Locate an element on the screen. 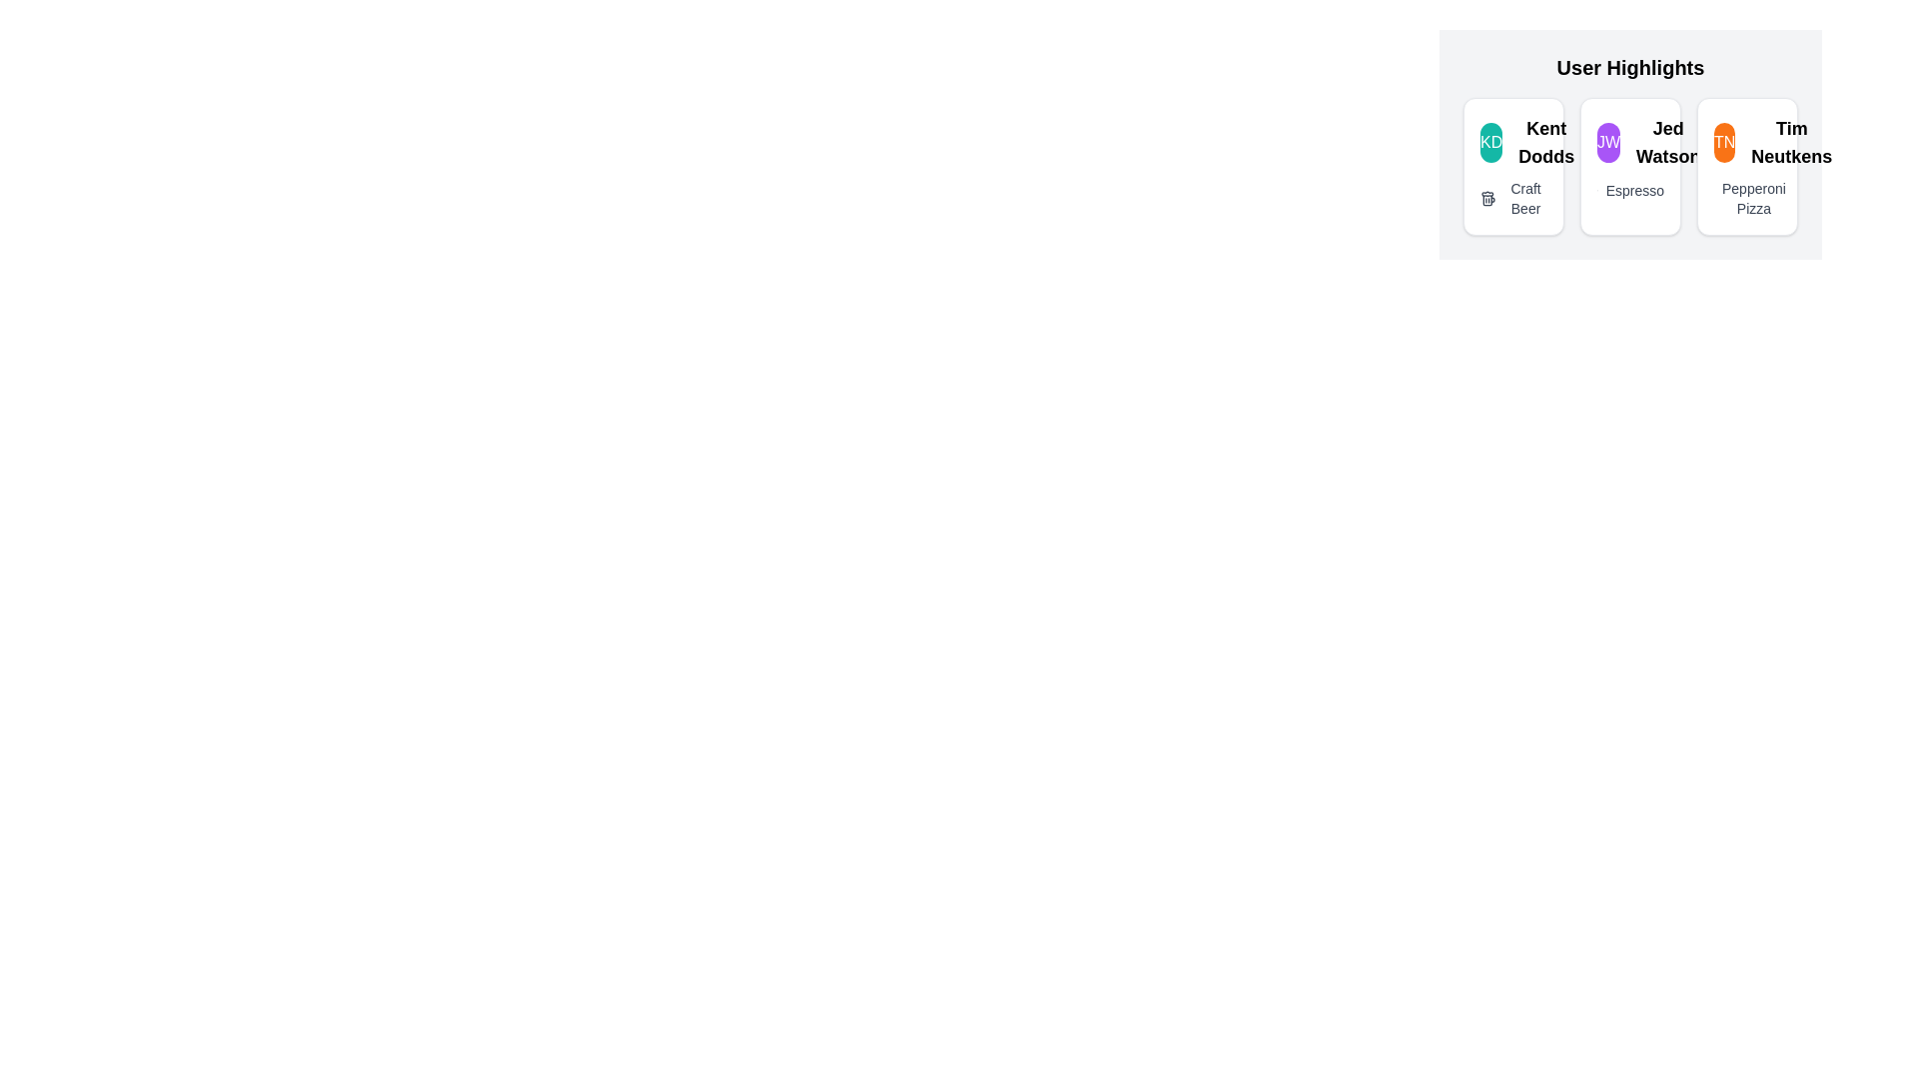 This screenshot has width=1918, height=1079. the Text component displaying the name of the user associated with the adjacent teal circular avatar containing 'KD', located at the top-left corner of the list of user highlights is located at coordinates (1545, 141).